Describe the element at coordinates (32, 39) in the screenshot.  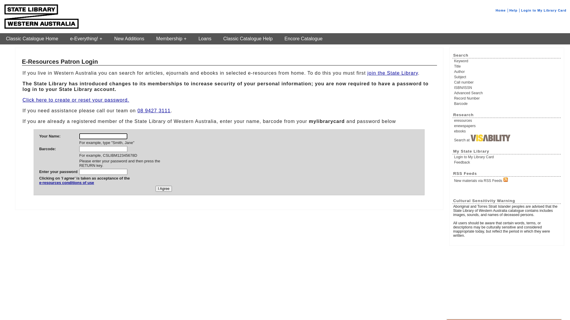
I see `'Classic Catalogue Home'` at that location.